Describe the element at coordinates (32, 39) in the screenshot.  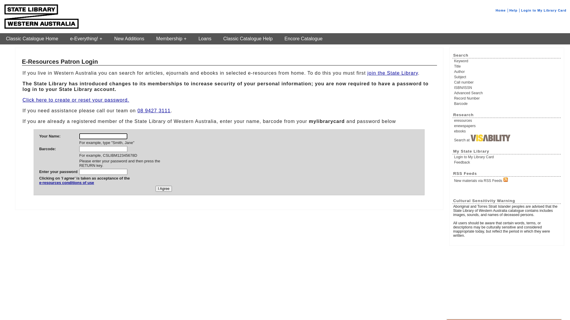
I see `'Classic Catalogue Home'` at that location.